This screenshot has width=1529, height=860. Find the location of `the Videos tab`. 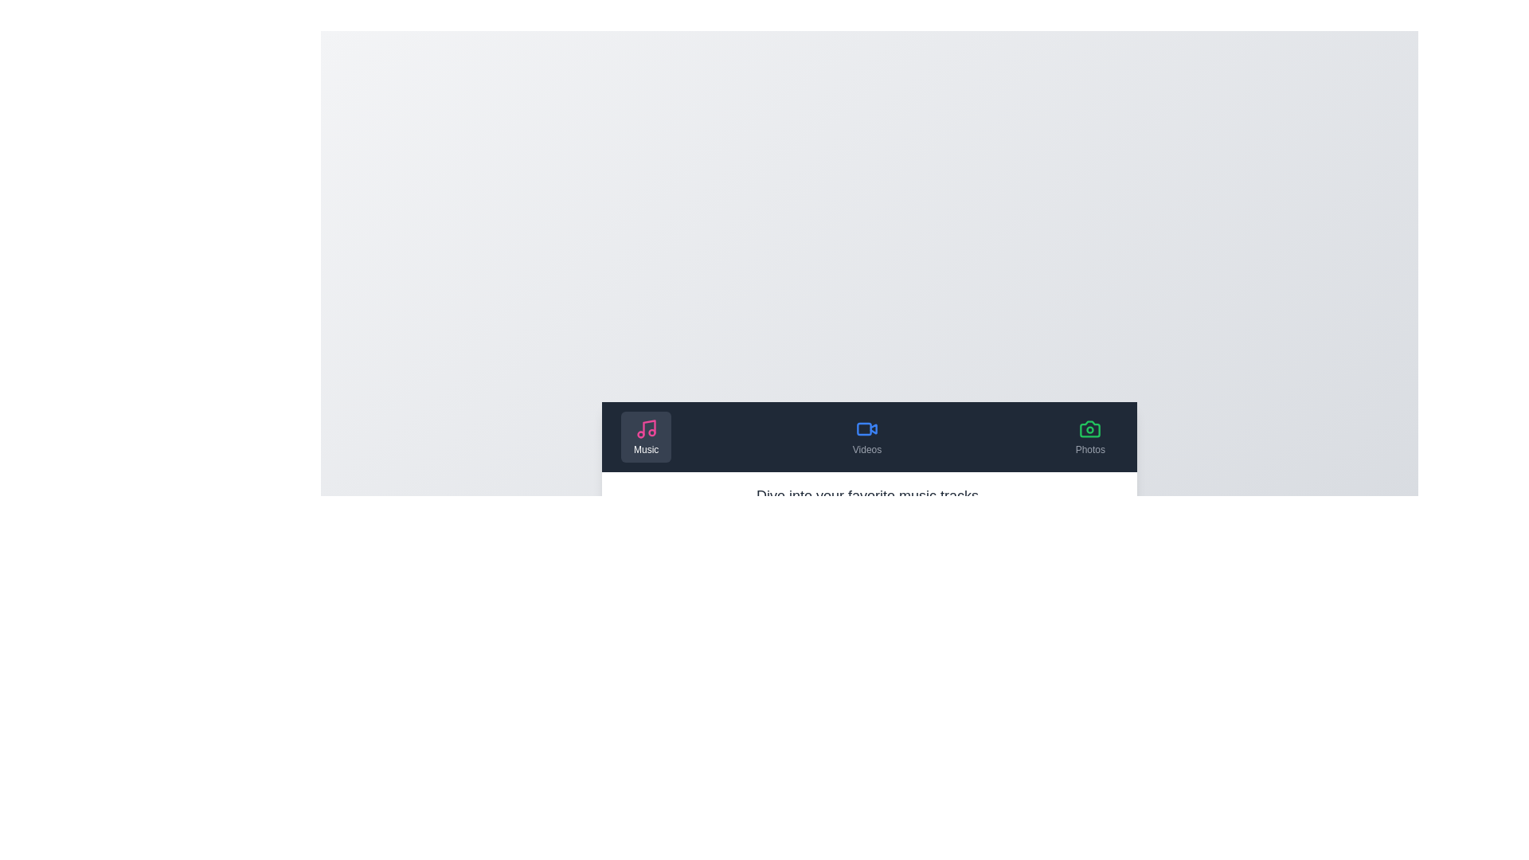

the Videos tab is located at coordinates (866, 436).